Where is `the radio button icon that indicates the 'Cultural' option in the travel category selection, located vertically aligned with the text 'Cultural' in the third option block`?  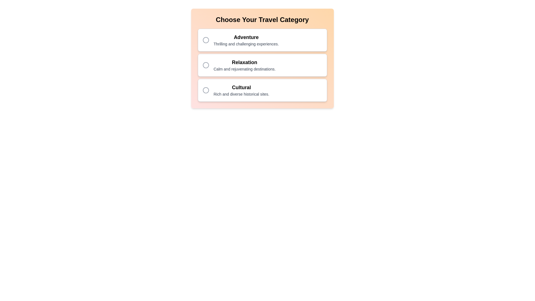
the radio button icon that indicates the 'Cultural' option in the travel category selection, located vertically aligned with the text 'Cultural' in the third option block is located at coordinates (205, 90).